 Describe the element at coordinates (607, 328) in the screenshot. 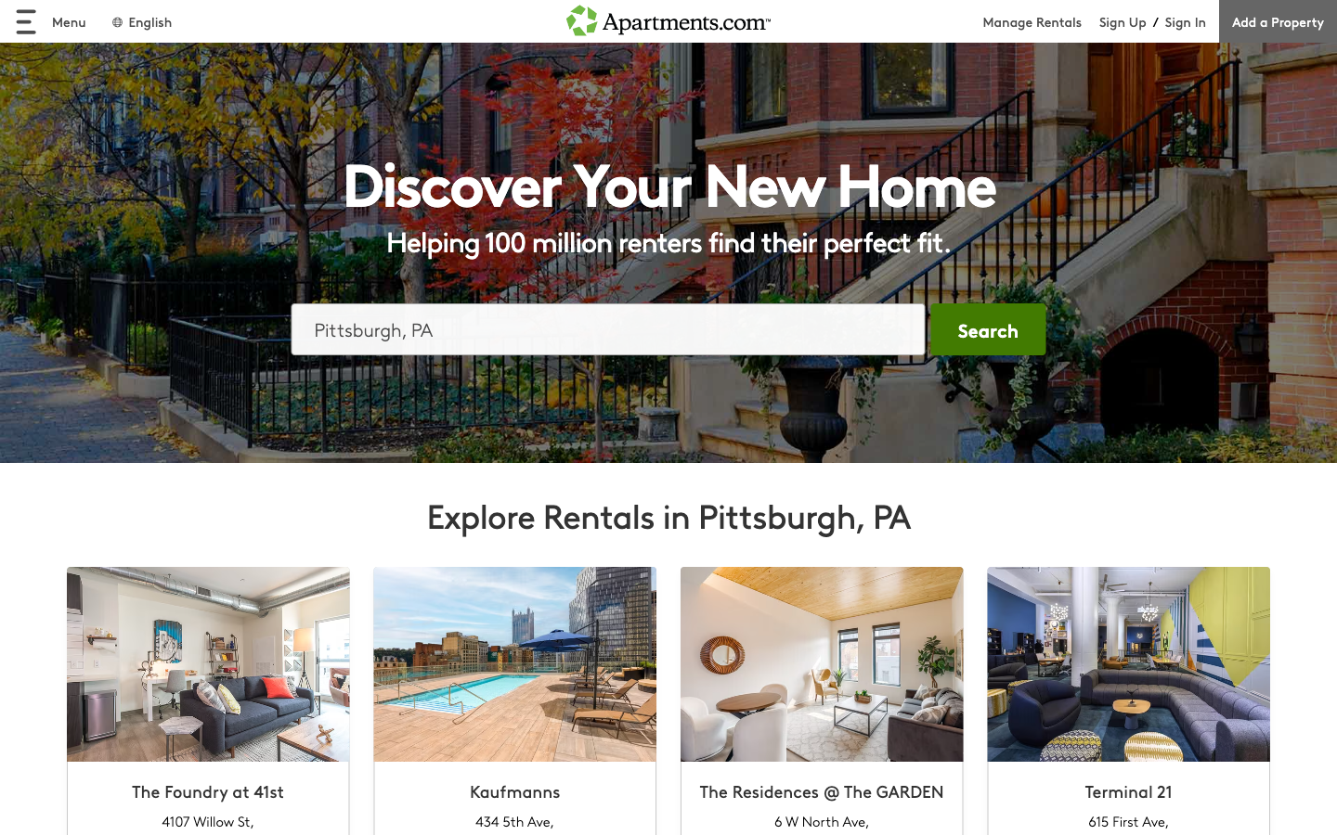

I see `the position of Pittsburgh, PA` at that location.